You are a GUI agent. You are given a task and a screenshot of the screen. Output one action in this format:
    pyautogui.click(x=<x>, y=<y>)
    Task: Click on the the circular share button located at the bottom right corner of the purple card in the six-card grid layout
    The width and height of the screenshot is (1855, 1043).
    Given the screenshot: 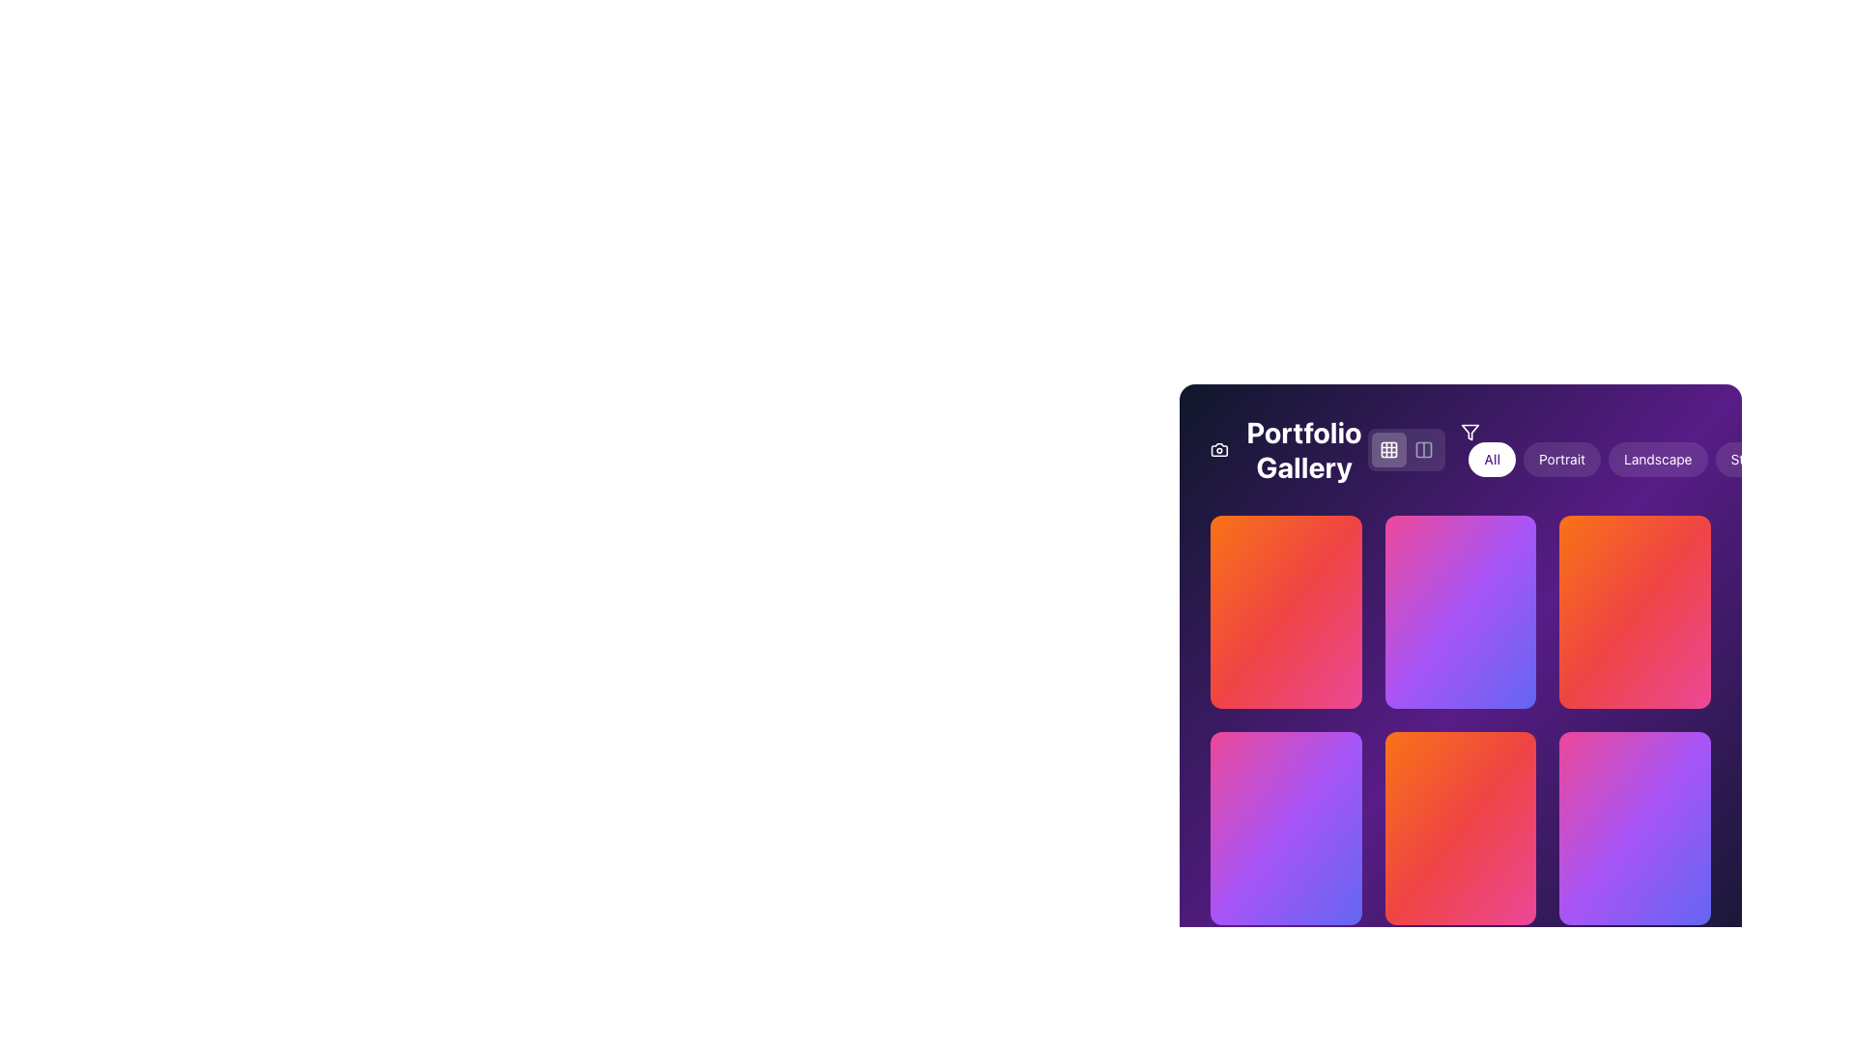 What is the action you would take?
    pyautogui.click(x=1700, y=893)
    